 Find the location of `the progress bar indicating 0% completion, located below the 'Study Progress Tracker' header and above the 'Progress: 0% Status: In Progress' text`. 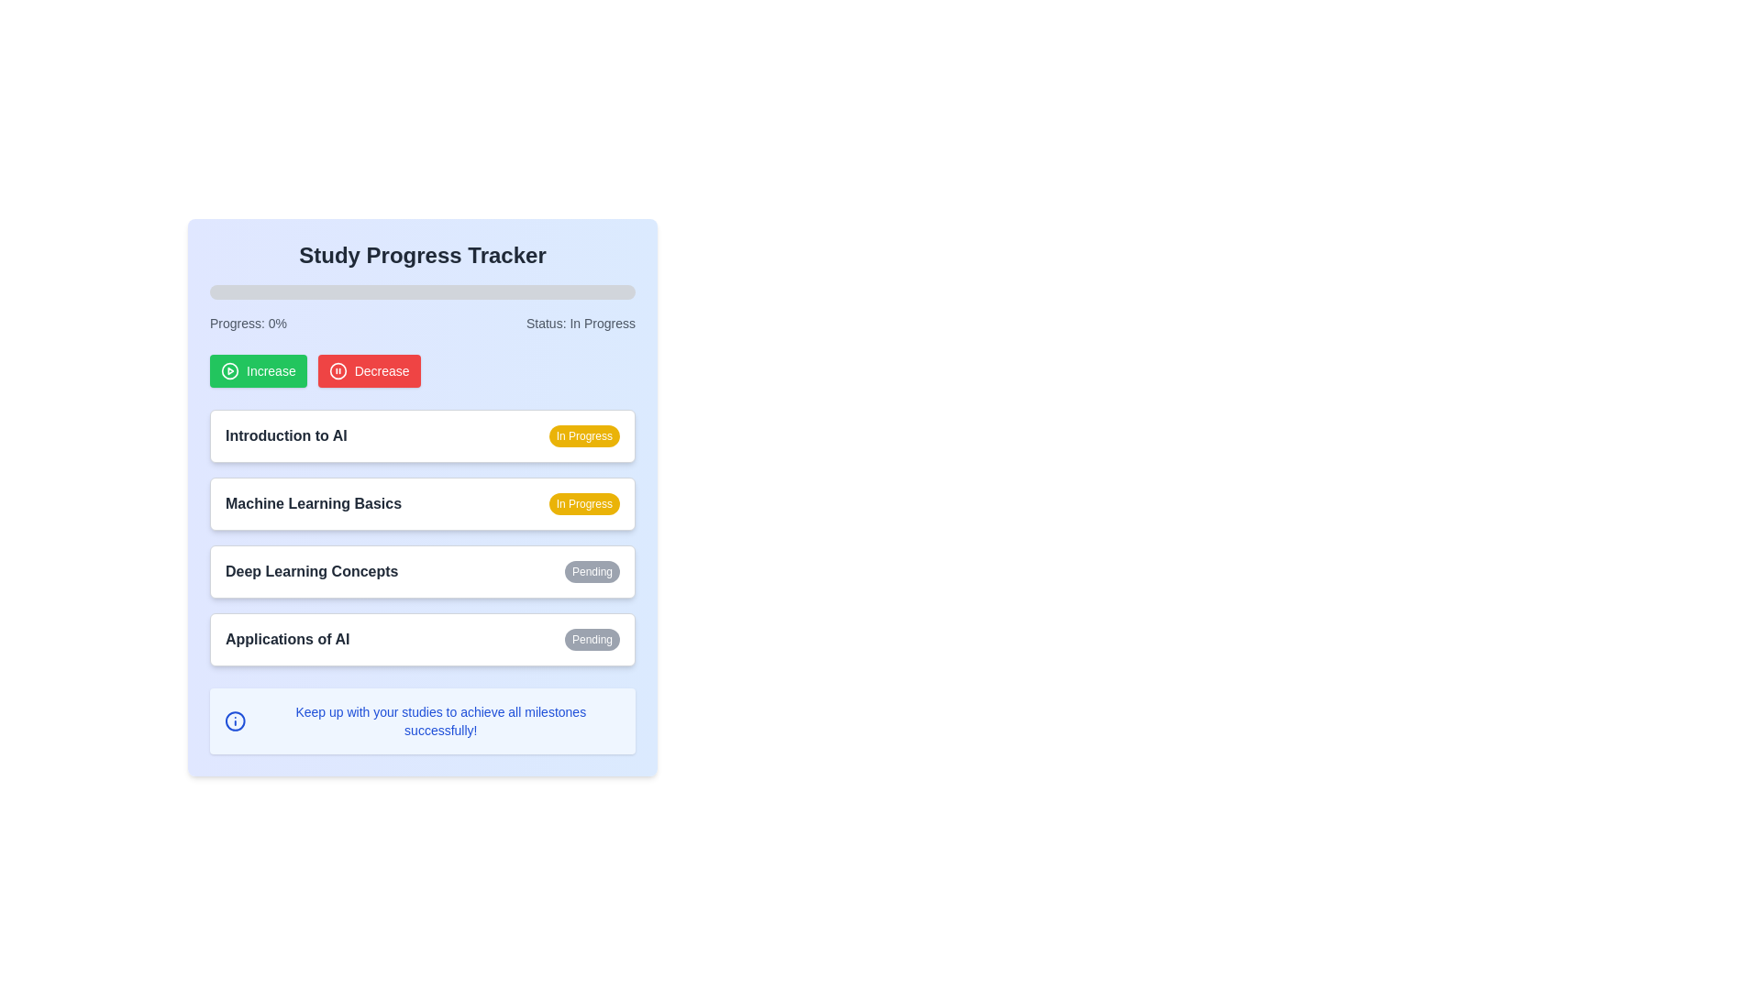

the progress bar indicating 0% completion, located below the 'Study Progress Tracker' header and above the 'Progress: 0% Status: In Progress' text is located at coordinates (421, 291).